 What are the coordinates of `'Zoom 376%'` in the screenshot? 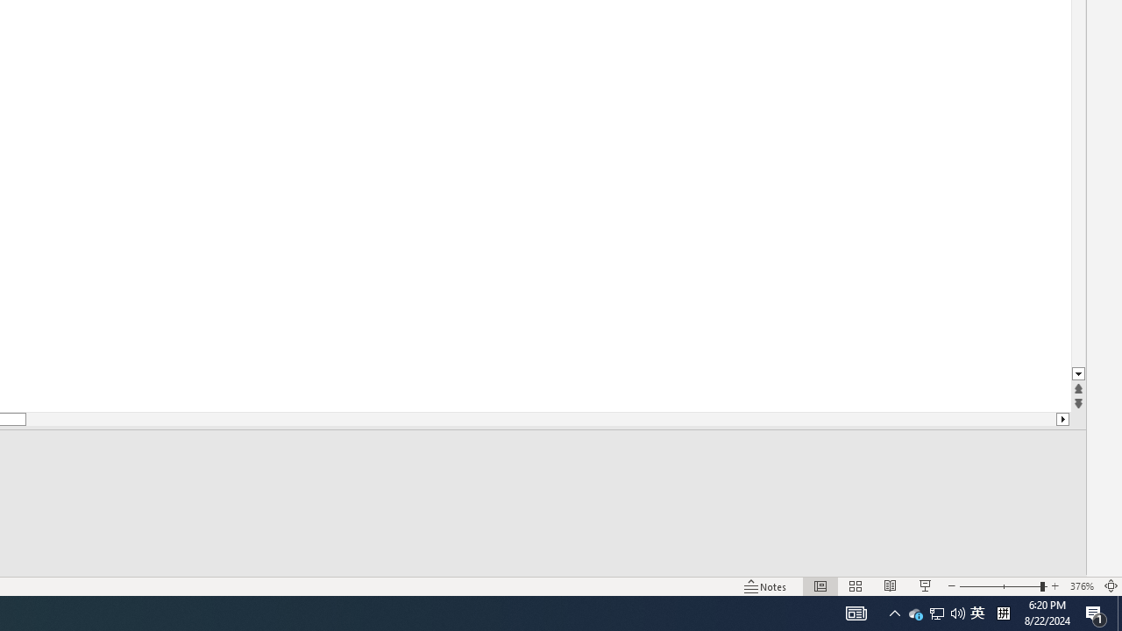 It's located at (1081, 586).